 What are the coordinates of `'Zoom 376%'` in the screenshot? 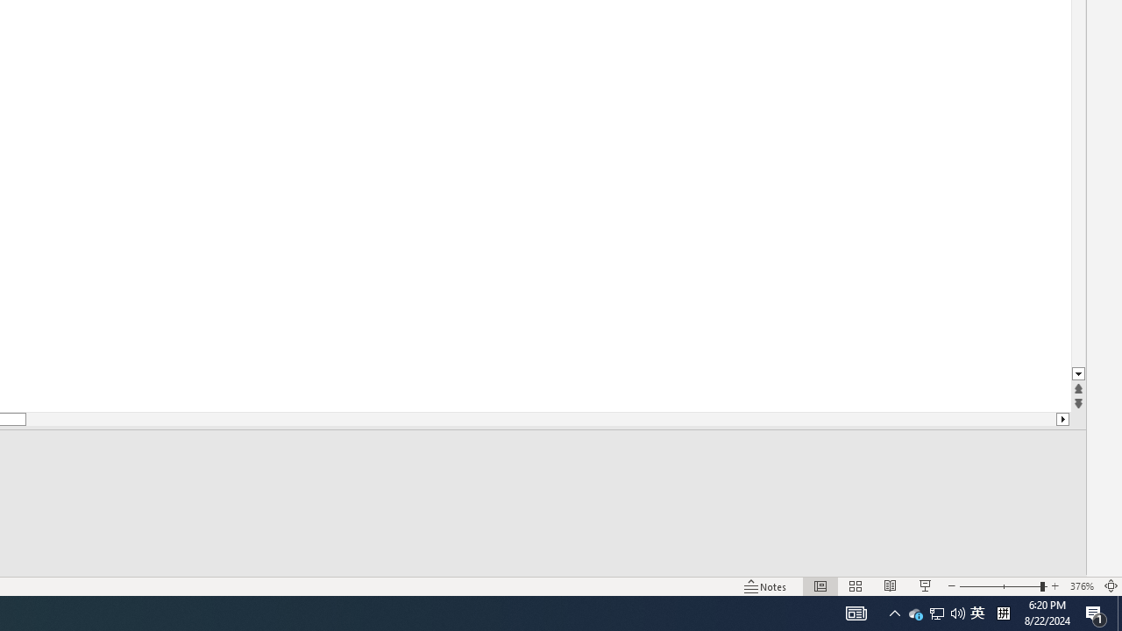 It's located at (1081, 586).